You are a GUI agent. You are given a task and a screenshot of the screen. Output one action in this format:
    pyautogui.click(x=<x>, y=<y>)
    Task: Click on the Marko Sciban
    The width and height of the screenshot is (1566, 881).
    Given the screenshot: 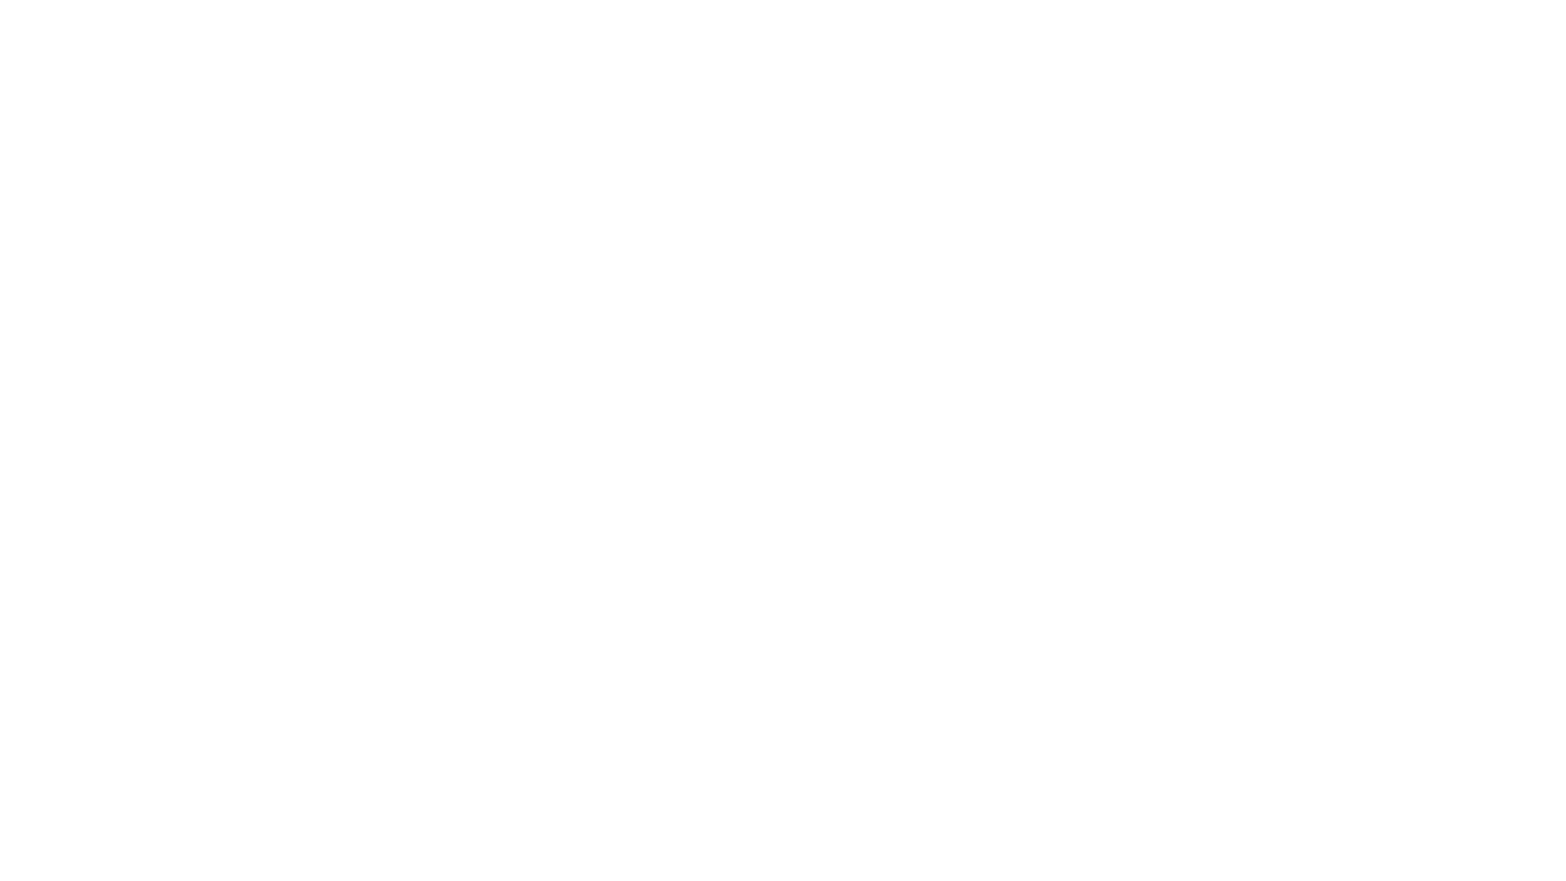 What is the action you would take?
    pyautogui.click(x=759, y=212)
    